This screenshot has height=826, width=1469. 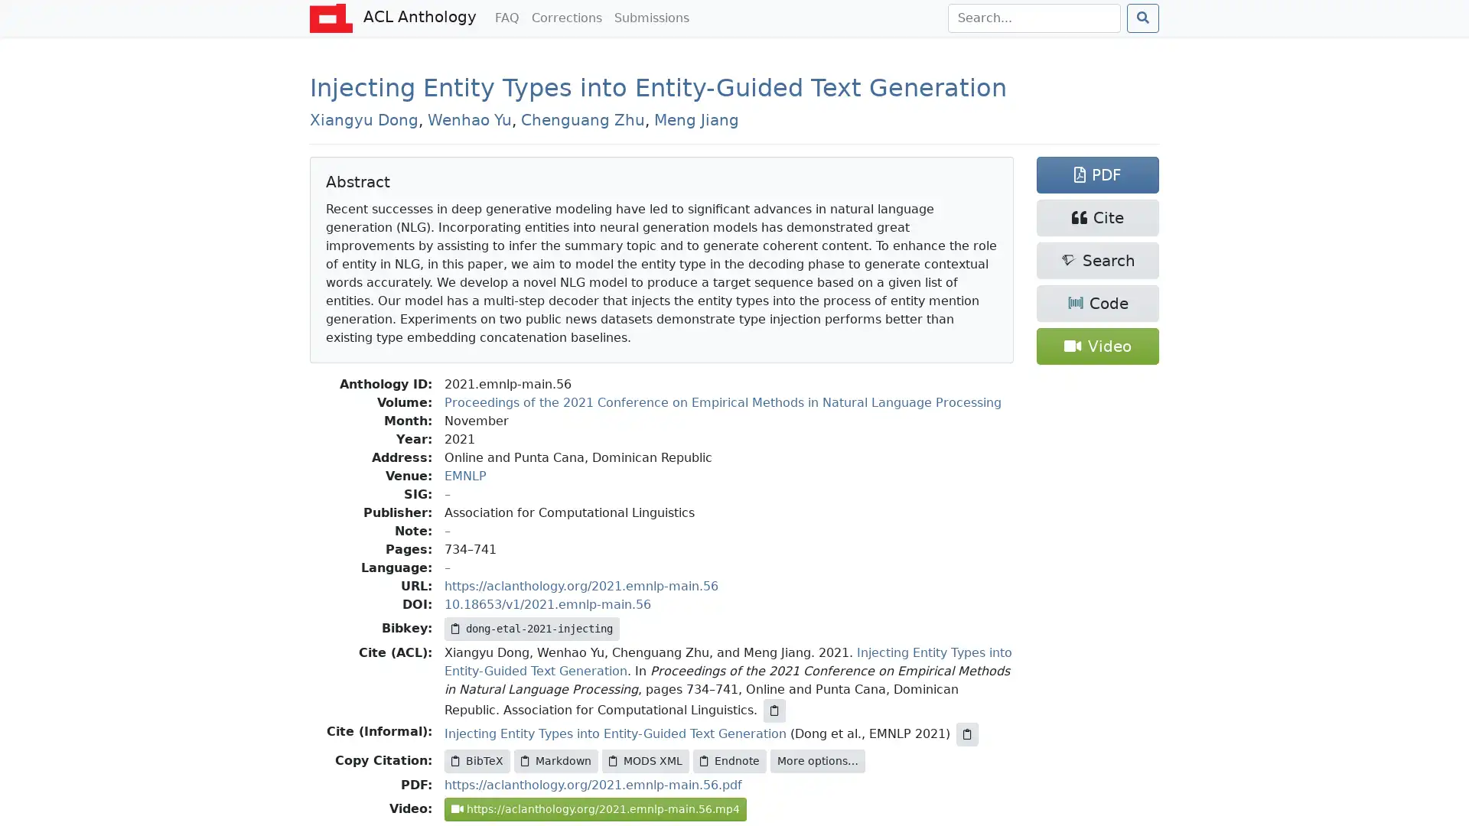 I want to click on dong-etal-2021-injecting, so click(x=532, y=629).